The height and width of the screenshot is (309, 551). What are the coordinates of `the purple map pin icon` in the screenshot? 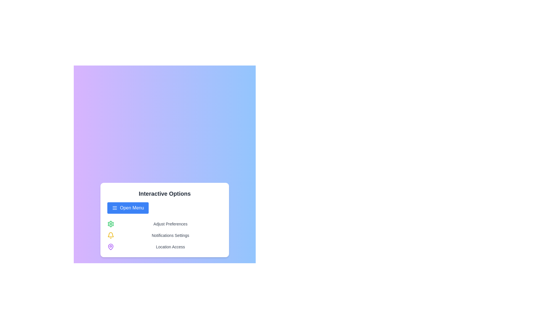 It's located at (110, 246).